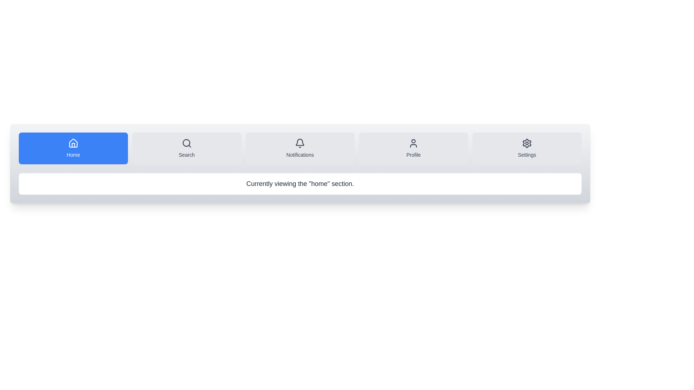 The height and width of the screenshot is (390, 694). I want to click on the text label displaying 'Settings', which is positioned below a gear-shaped icon in the toolbar, so click(527, 154).